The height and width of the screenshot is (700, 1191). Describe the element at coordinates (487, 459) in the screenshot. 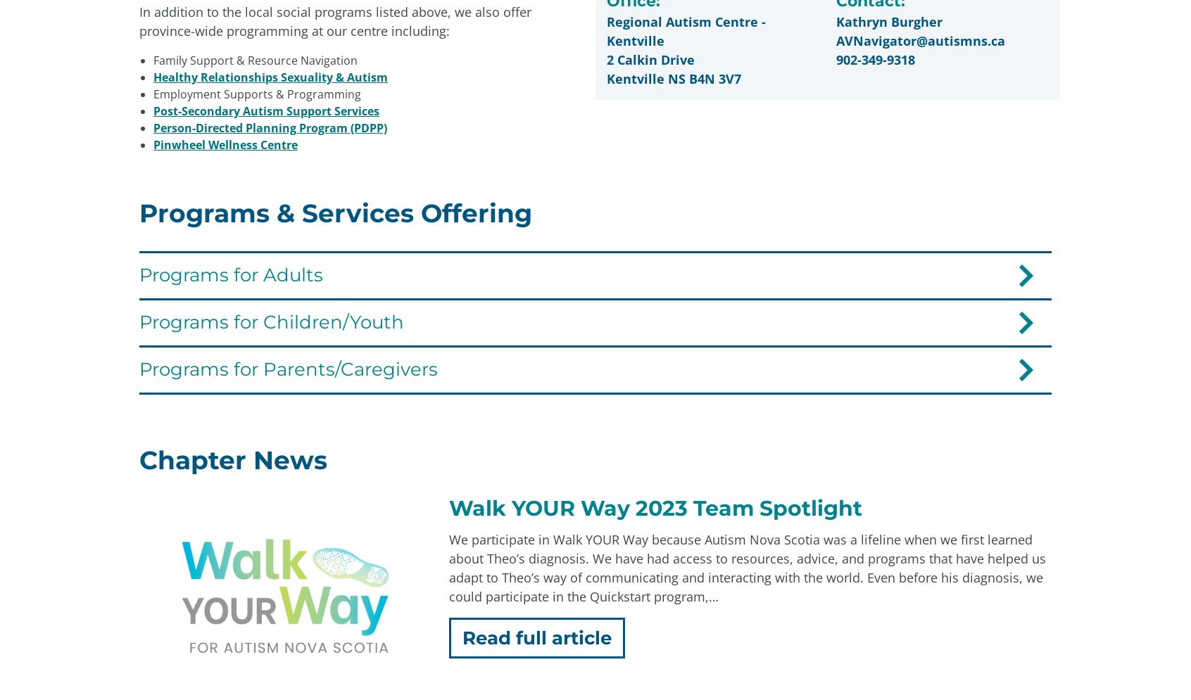

I see `'Autism Nova Scotia (Halifax Office)'` at that location.